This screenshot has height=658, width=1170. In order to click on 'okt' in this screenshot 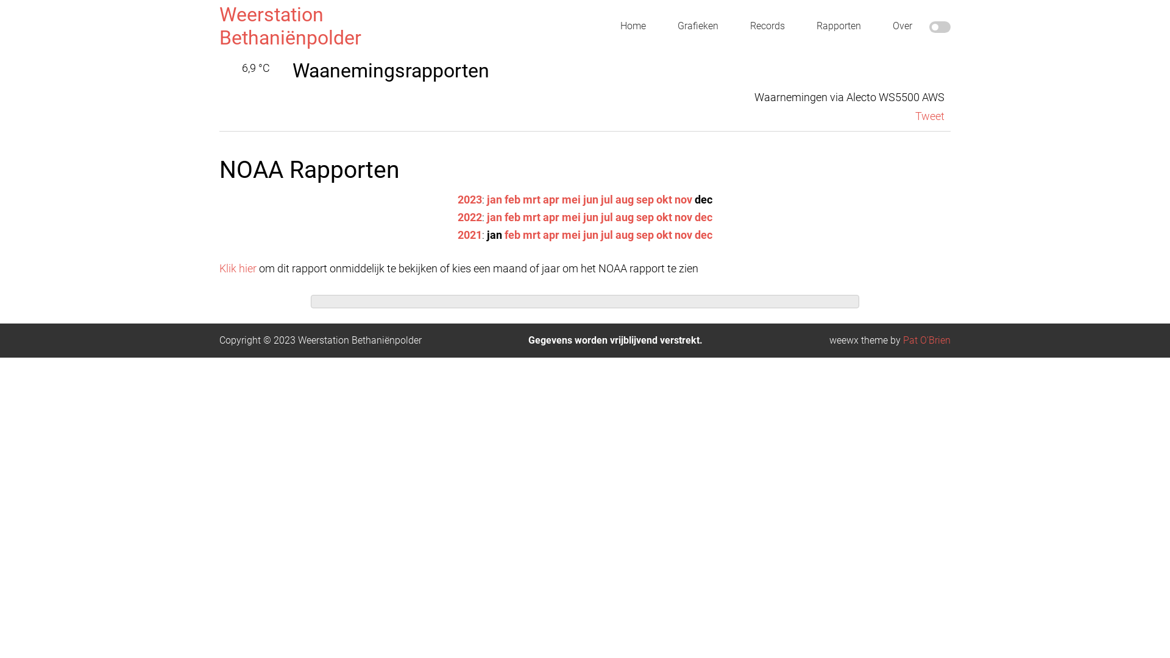, I will do `click(663, 235)`.